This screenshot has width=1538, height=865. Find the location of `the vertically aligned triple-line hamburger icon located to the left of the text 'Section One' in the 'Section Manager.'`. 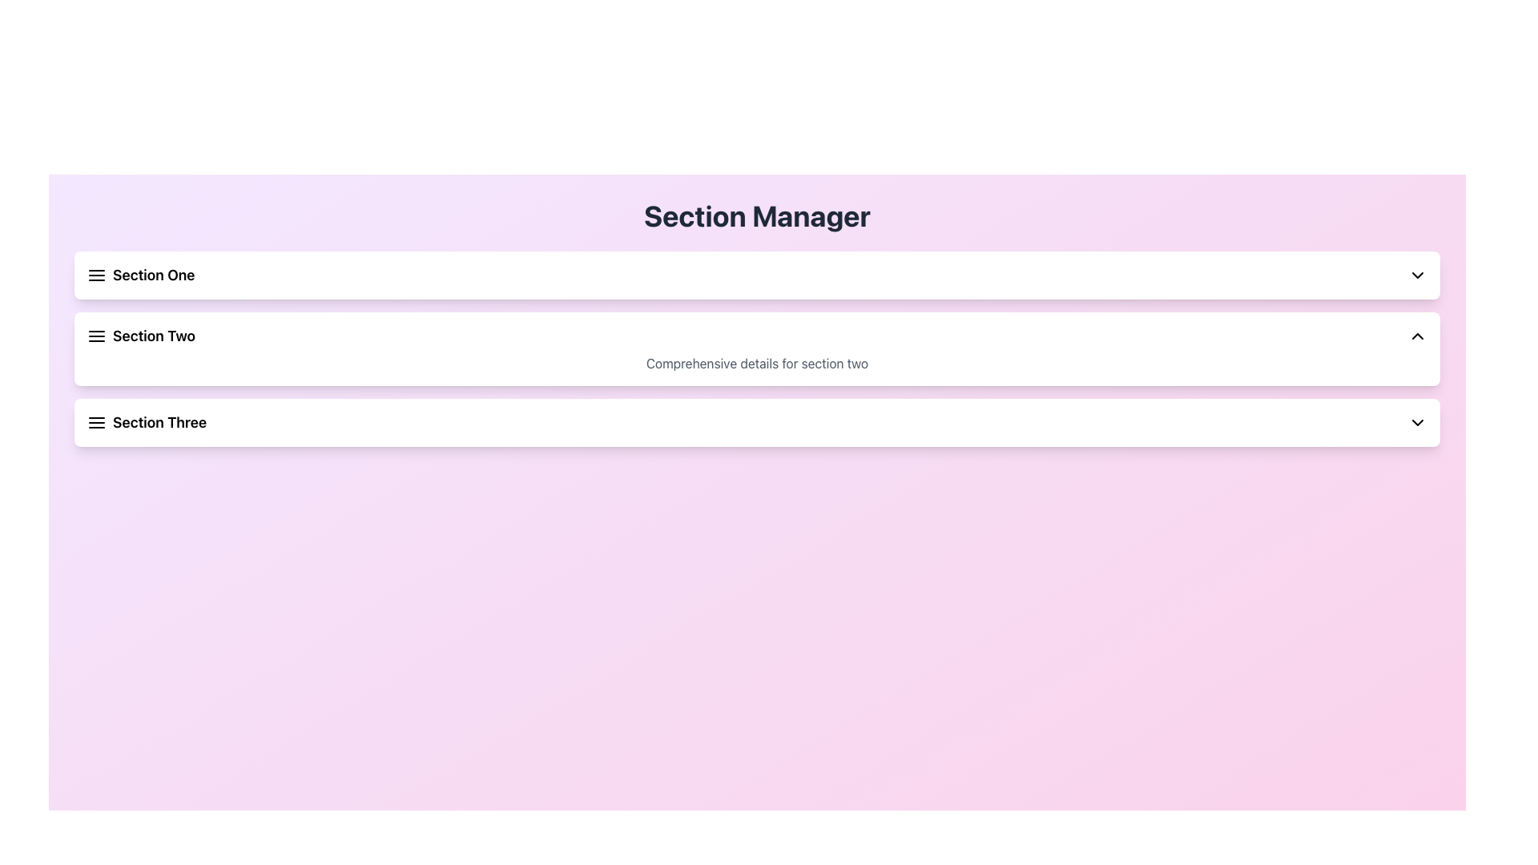

the vertically aligned triple-line hamburger icon located to the left of the text 'Section One' in the 'Section Manager.' is located at coordinates (95, 274).